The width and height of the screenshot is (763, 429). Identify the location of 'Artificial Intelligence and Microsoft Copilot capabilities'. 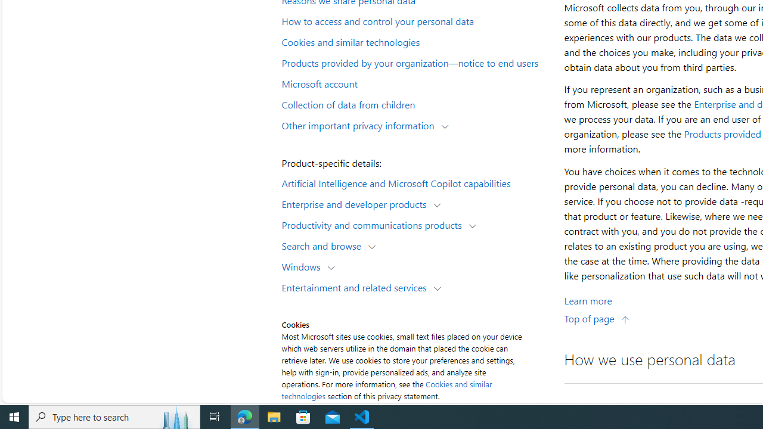
(415, 182).